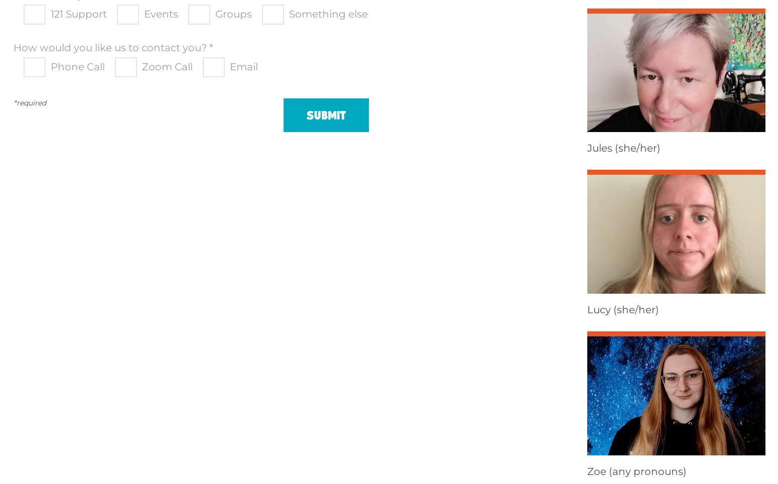  What do you see at coordinates (623, 148) in the screenshot?
I see `'Jules (she/her)'` at bounding box center [623, 148].